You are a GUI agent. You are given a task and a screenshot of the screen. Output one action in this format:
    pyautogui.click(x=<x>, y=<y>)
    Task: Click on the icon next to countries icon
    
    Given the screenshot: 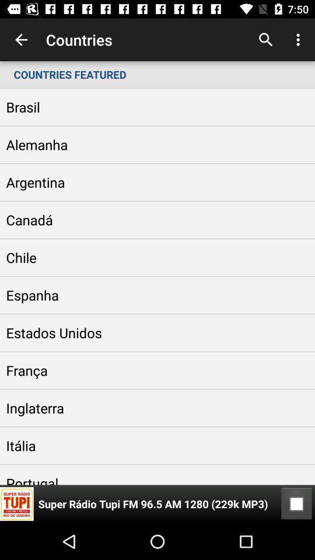 What is the action you would take?
    pyautogui.click(x=265, y=40)
    